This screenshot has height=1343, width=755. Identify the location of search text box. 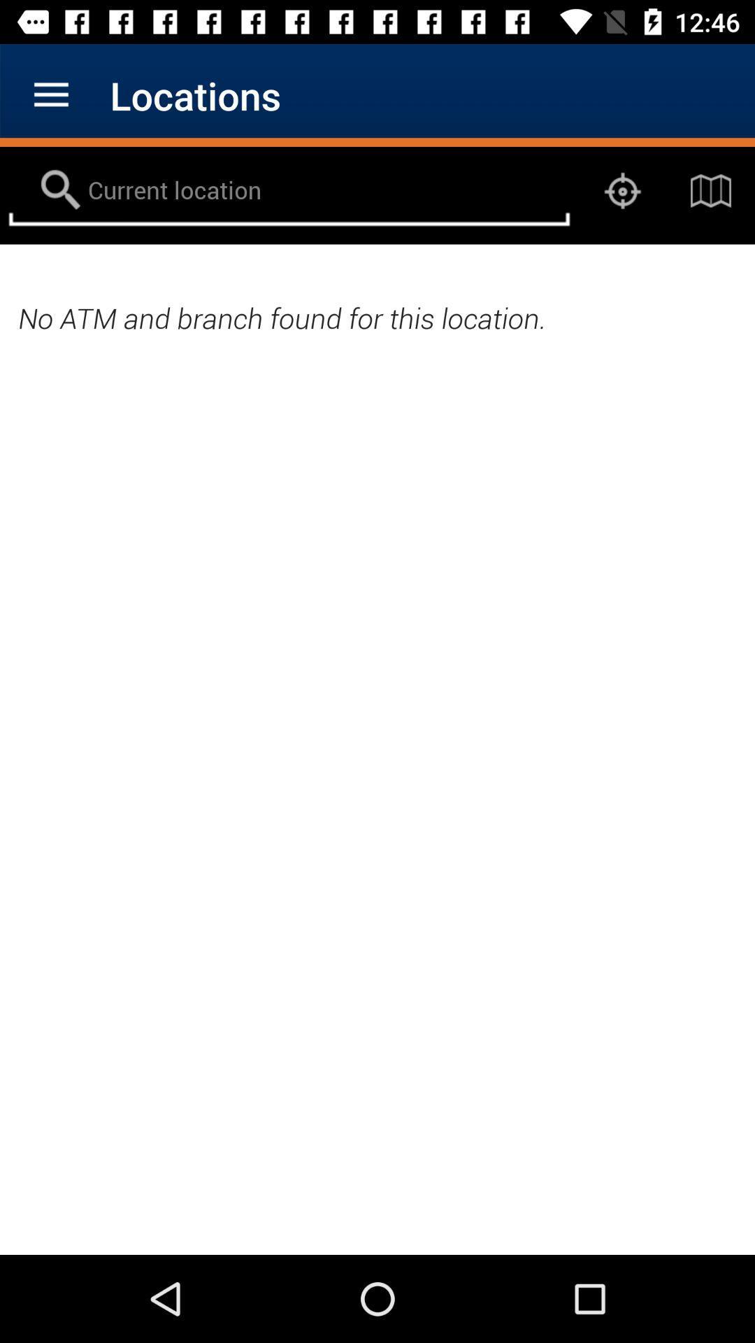
(288, 190).